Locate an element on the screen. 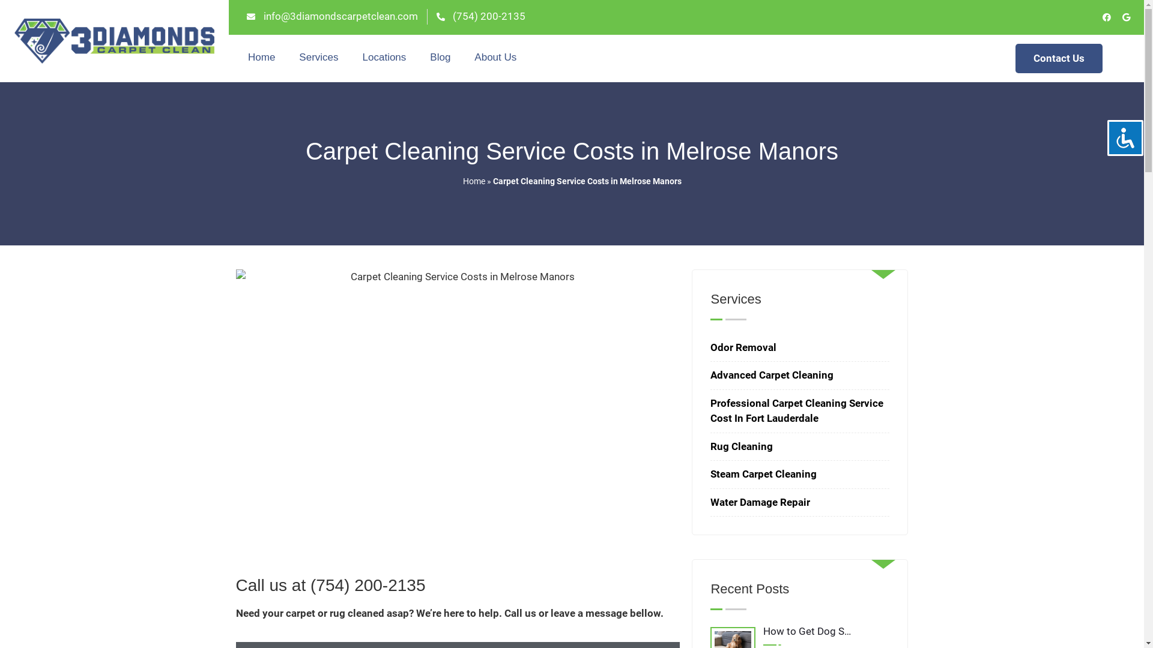 The height and width of the screenshot is (648, 1153). 'How to Get Dog Smell Out of Your Carpet' is located at coordinates (799, 634).